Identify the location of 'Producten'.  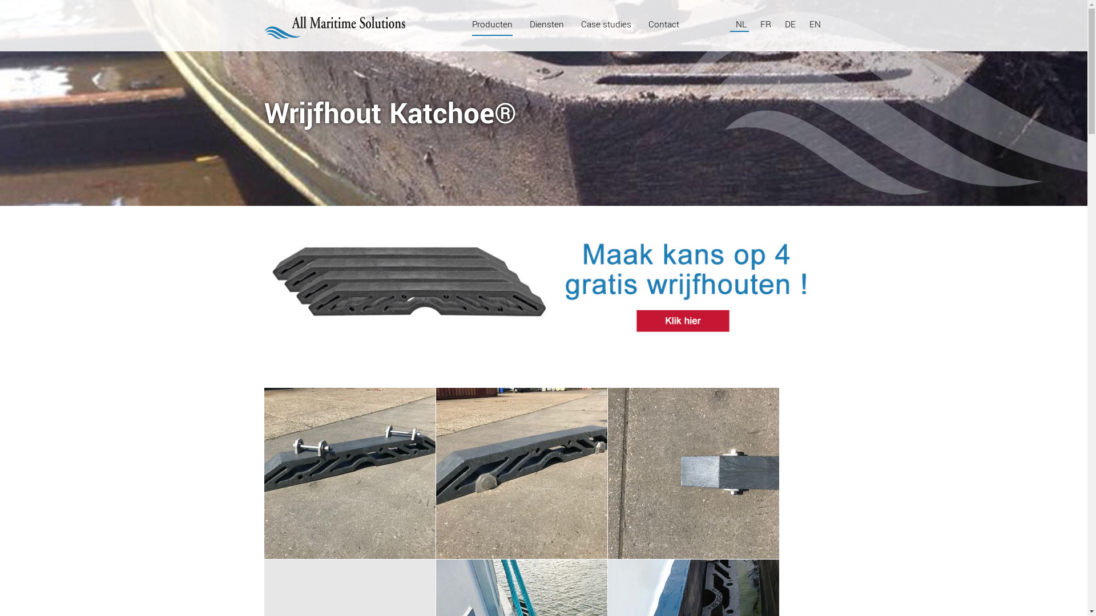
(491, 24).